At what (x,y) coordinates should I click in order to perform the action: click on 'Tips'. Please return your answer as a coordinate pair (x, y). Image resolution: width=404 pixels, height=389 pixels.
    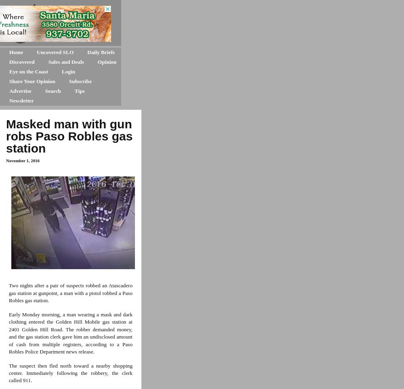
    Looking at the image, I should click on (79, 91).